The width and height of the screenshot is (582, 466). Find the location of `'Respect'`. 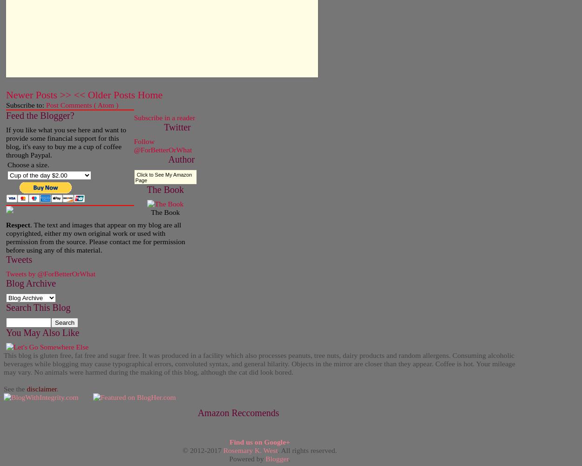

'Respect' is located at coordinates (18, 224).